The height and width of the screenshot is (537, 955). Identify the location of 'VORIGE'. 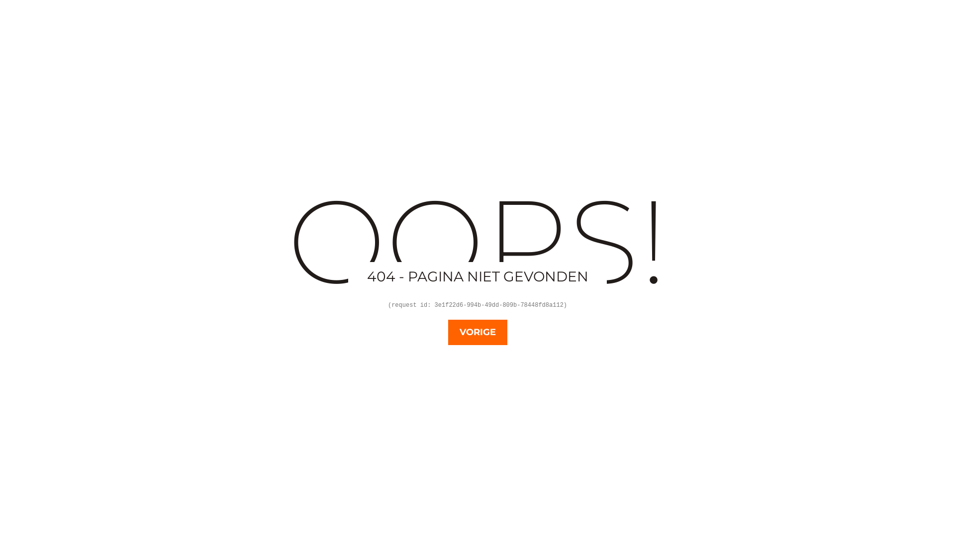
(477, 332).